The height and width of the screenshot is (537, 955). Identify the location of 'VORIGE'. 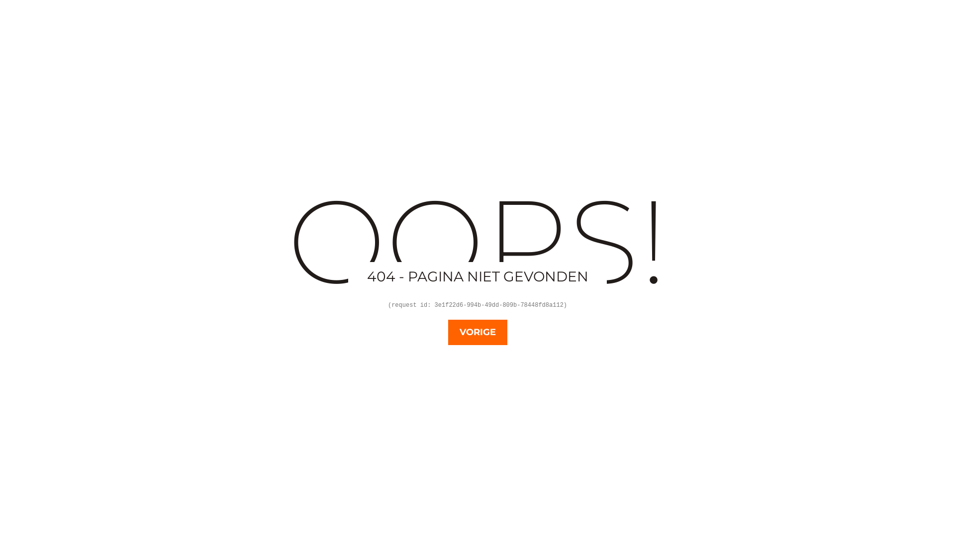
(477, 332).